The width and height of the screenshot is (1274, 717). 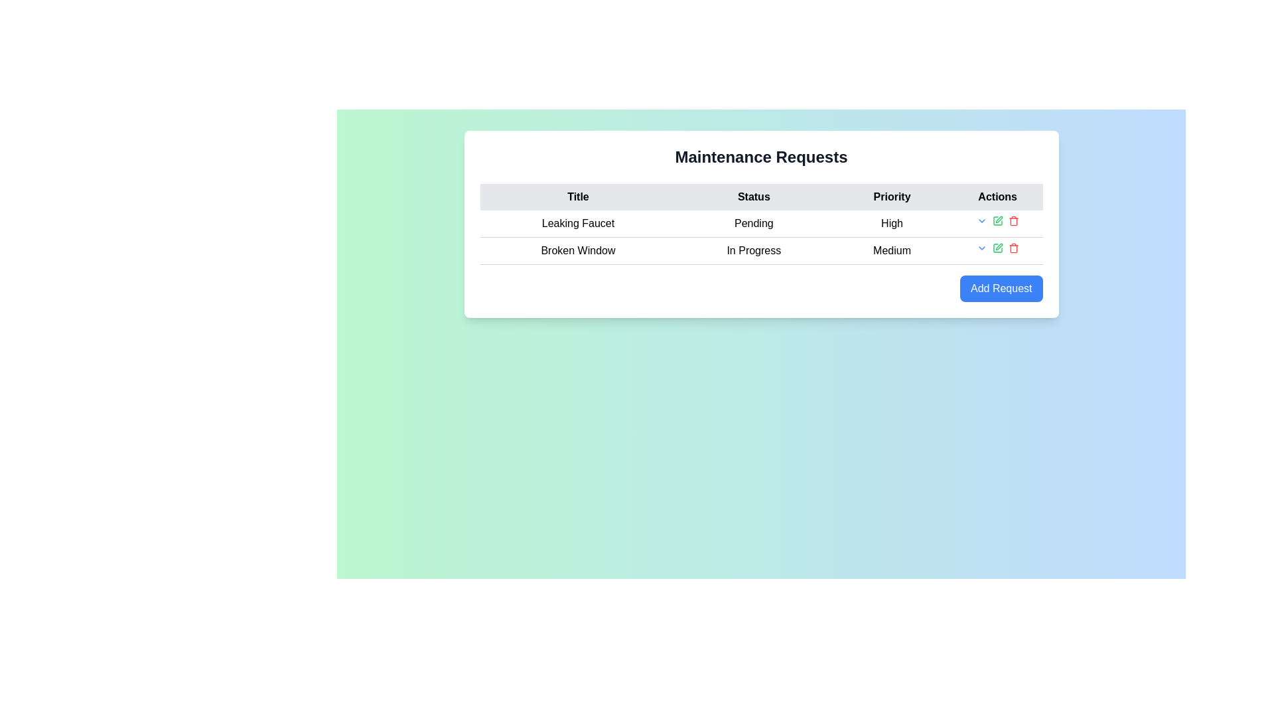 What do you see at coordinates (997, 248) in the screenshot?
I see `the edit icon for the 'Broken Window' maintenance request located in the 'Actions' column of the second row in the table to initiate editing` at bounding box center [997, 248].